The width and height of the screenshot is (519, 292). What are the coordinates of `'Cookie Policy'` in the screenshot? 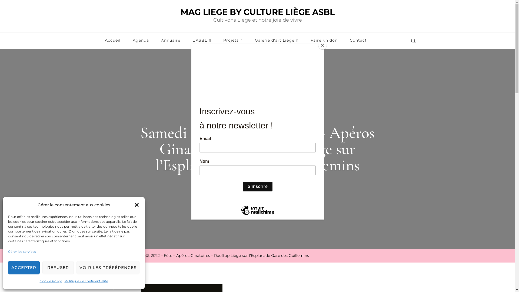 It's located at (51, 281).